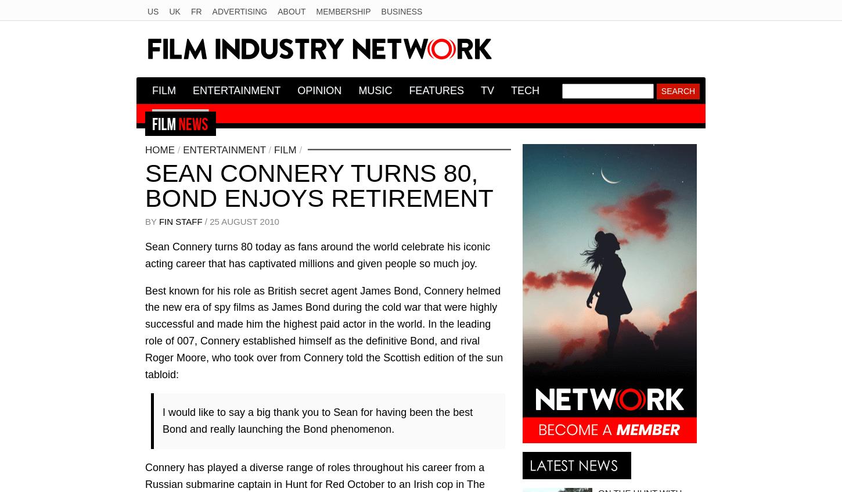  Describe the element at coordinates (160, 149) in the screenshot. I see `'Home'` at that location.